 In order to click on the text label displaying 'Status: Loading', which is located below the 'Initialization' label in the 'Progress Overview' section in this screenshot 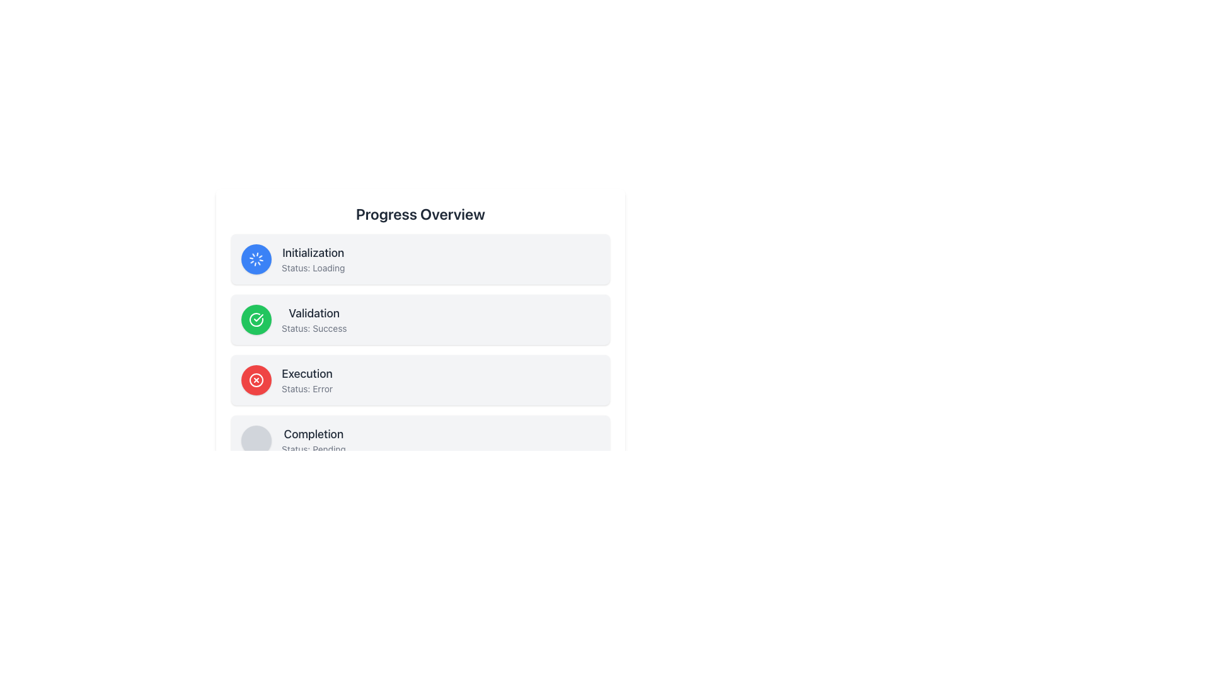, I will do `click(313, 267)`.